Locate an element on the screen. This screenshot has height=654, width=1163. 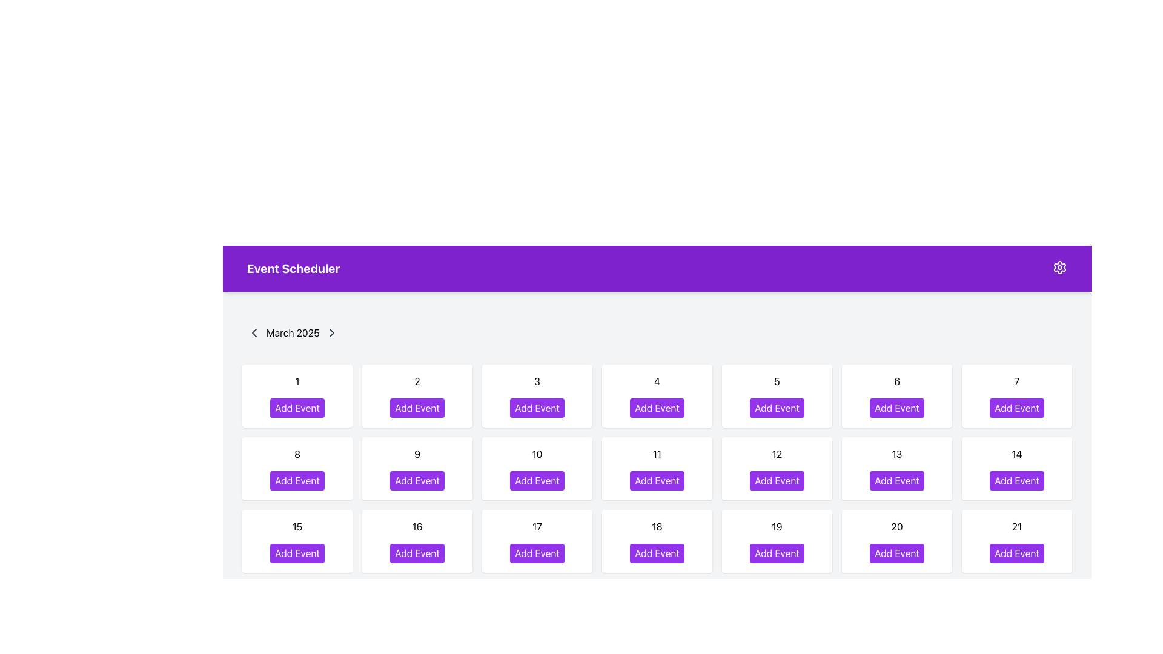
the 'Add Event' button, which is a rectangular button with rounded corners, purple background, and white text, located in the calendar grid for the day labeled '16' in the Event Scheduler interface is located at coordinates (417, 553).